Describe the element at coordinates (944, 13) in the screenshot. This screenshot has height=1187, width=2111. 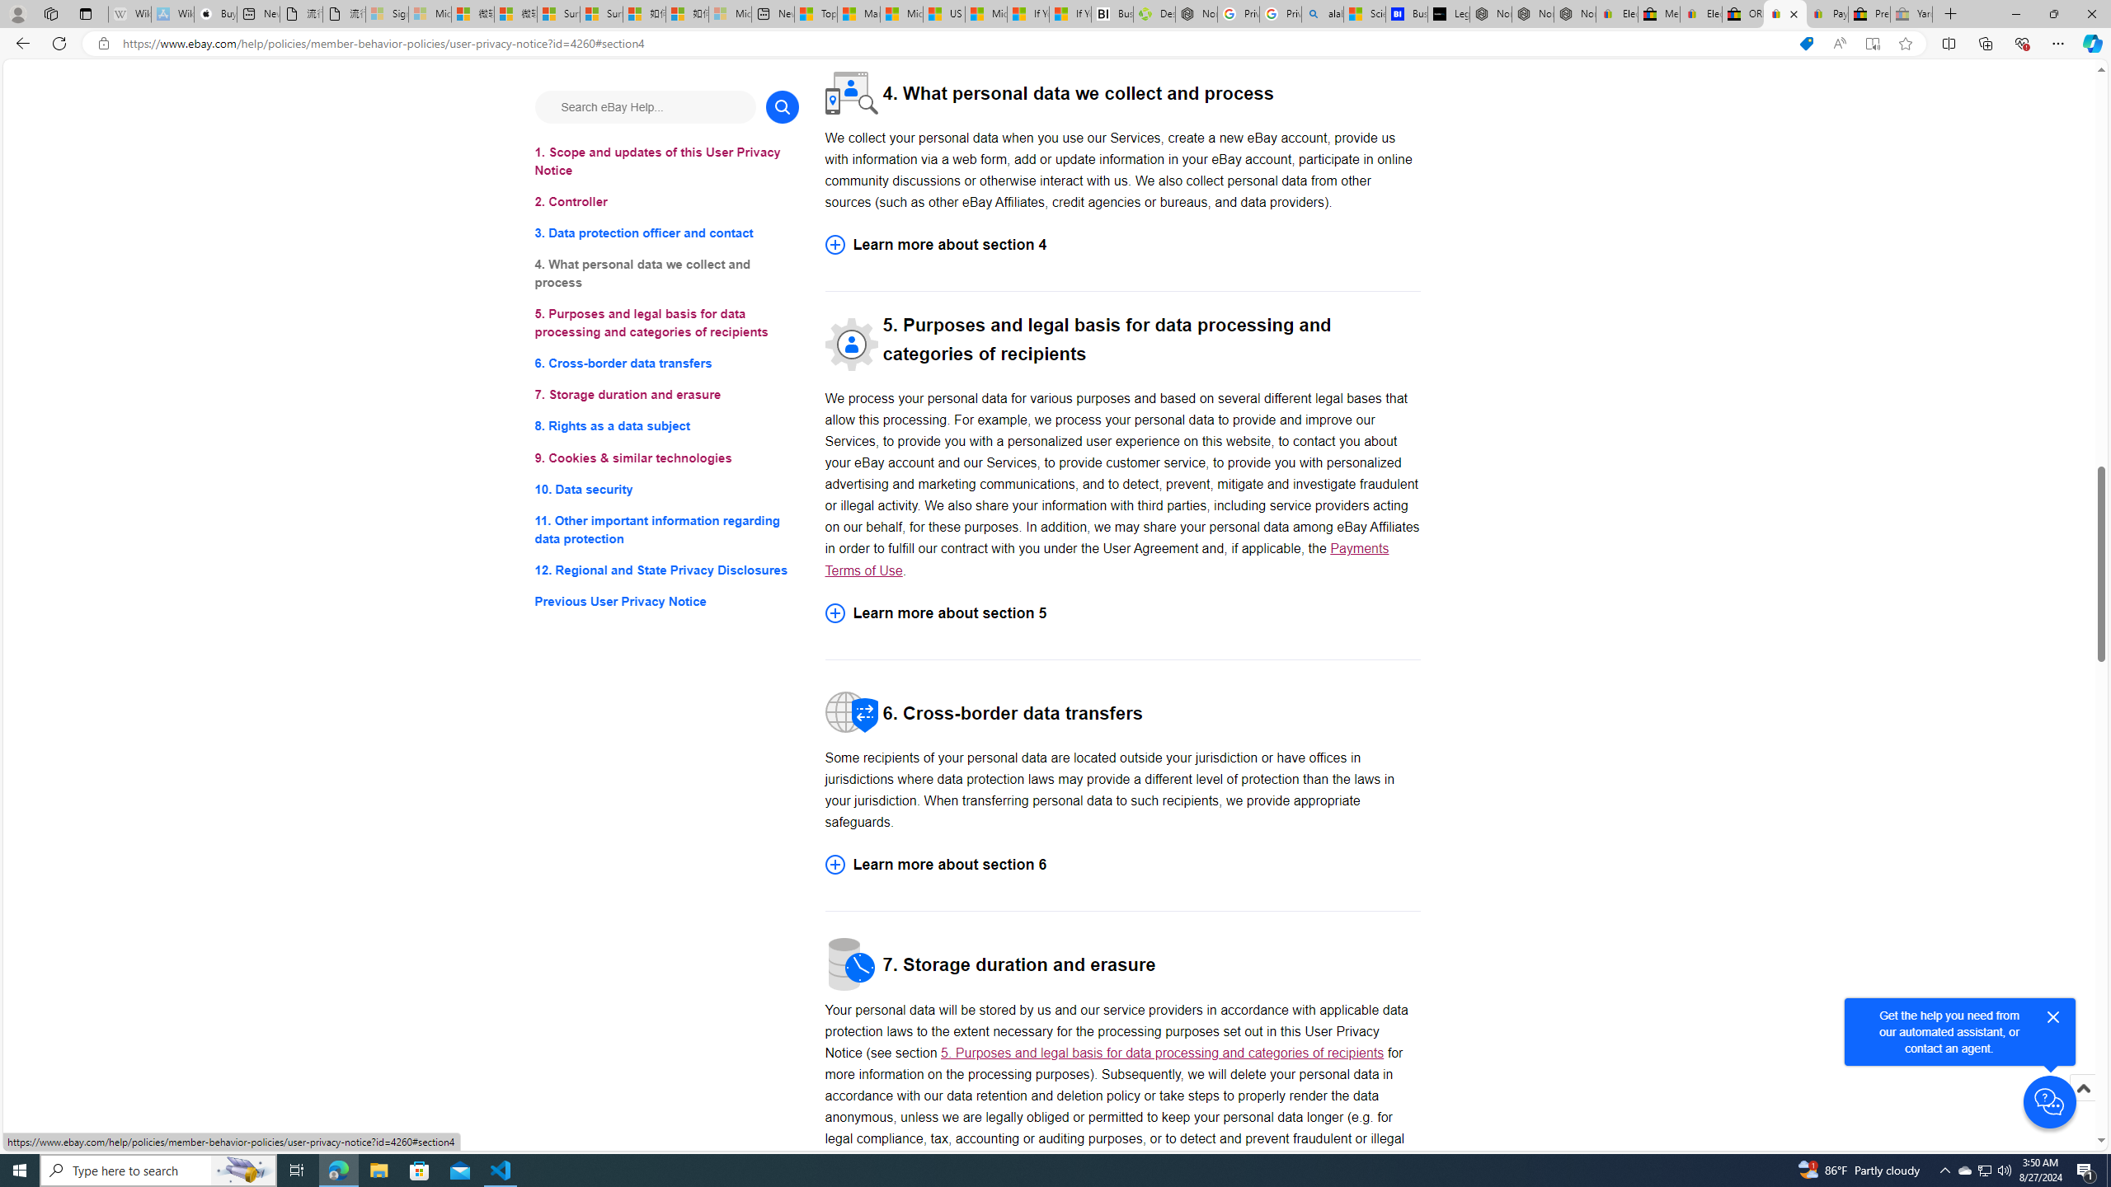
I see `'US Heat Deaths Soared To Record High Last Year'` at that location.